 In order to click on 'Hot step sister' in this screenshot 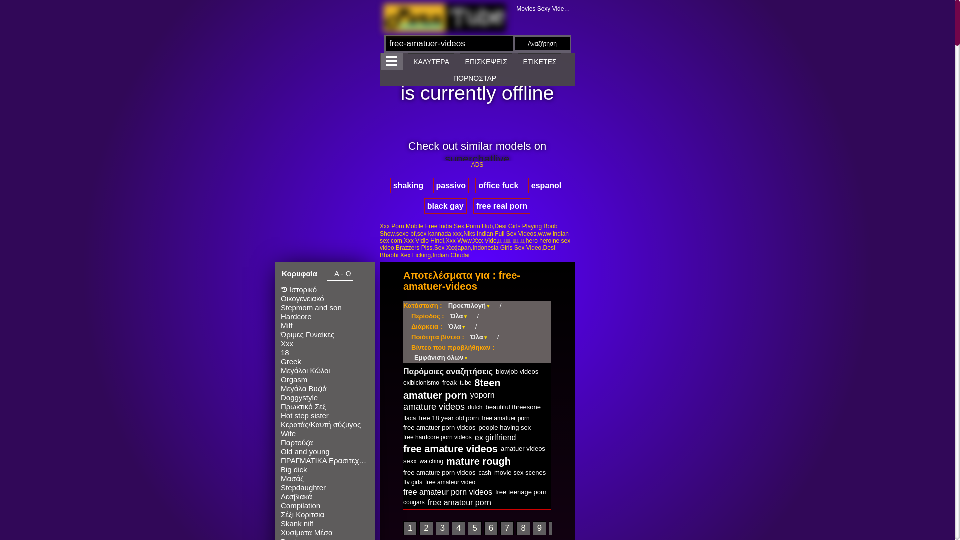, I will do `click(280, 416)`.